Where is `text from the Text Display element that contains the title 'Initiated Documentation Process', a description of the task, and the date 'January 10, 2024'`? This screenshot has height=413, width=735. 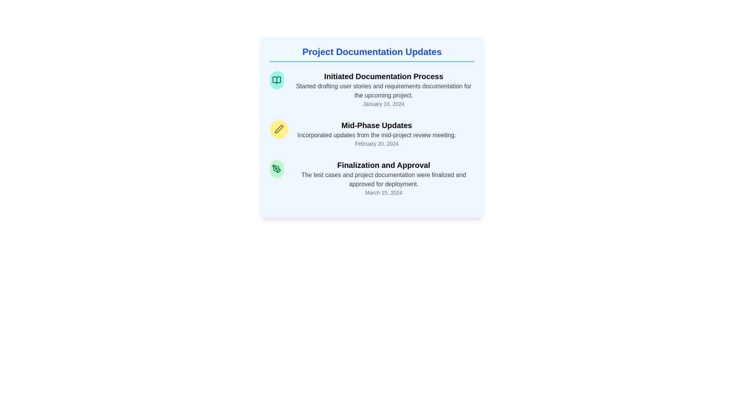
text from the Text Display element that contains the title 'Initiated Documentation Process', a description of the task, and the date 'January 10, 2024' is located at coordinates (384, 89).